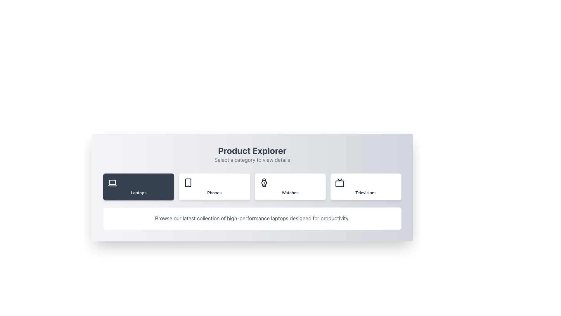  What do you see at coordinates (188, 182) in the screenshot?
I see `the larger rounded rectangle that forms the main body of the smartphone icon, located within the second card from the left under the 'Product Explorer' heading` at bounding box center [188, 182].